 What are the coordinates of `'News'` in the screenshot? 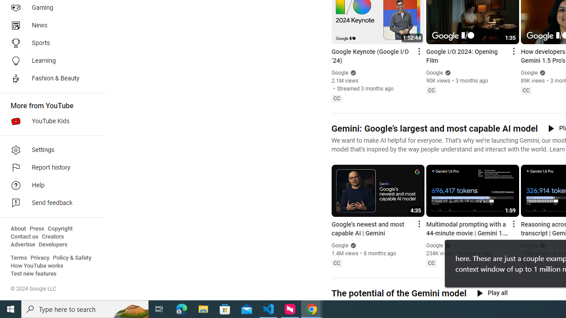 It's located at (50, 25).